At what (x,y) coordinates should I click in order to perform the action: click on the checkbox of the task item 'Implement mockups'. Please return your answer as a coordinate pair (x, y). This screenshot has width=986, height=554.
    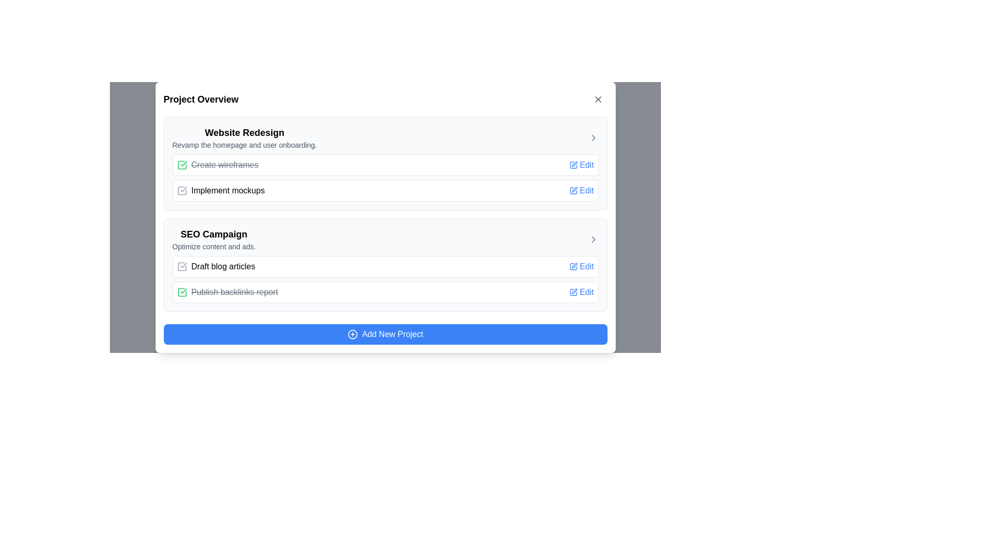
    Looking at the image, I should click on (220, 190).